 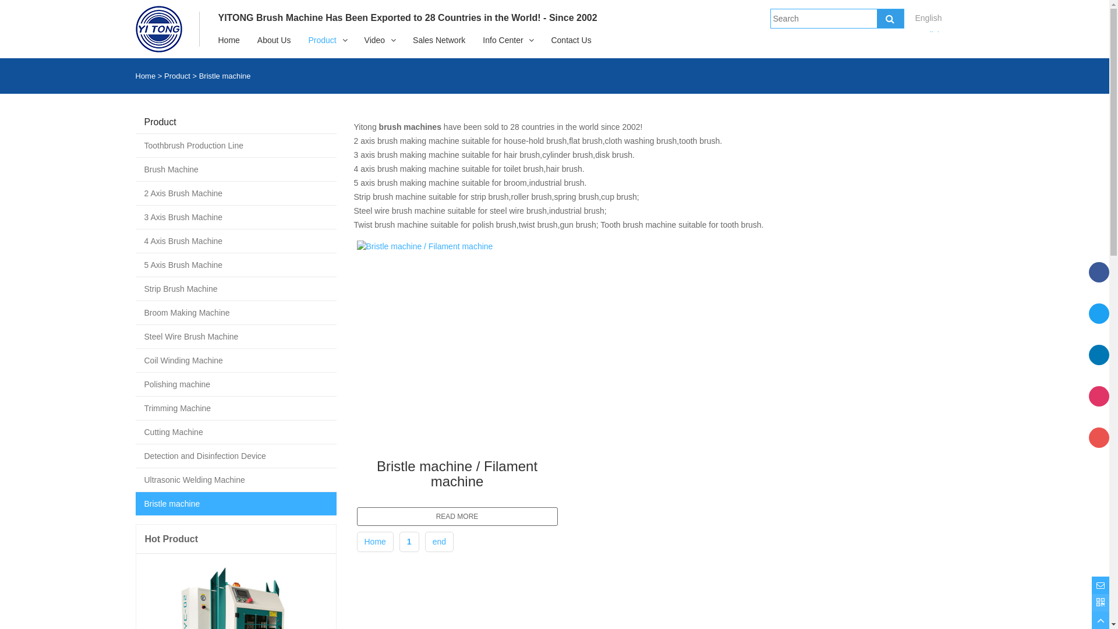 What do you see at coordinates (1098, 406) in the screenshot?
I see `'instagram'` at bounding box center [1098, 406].